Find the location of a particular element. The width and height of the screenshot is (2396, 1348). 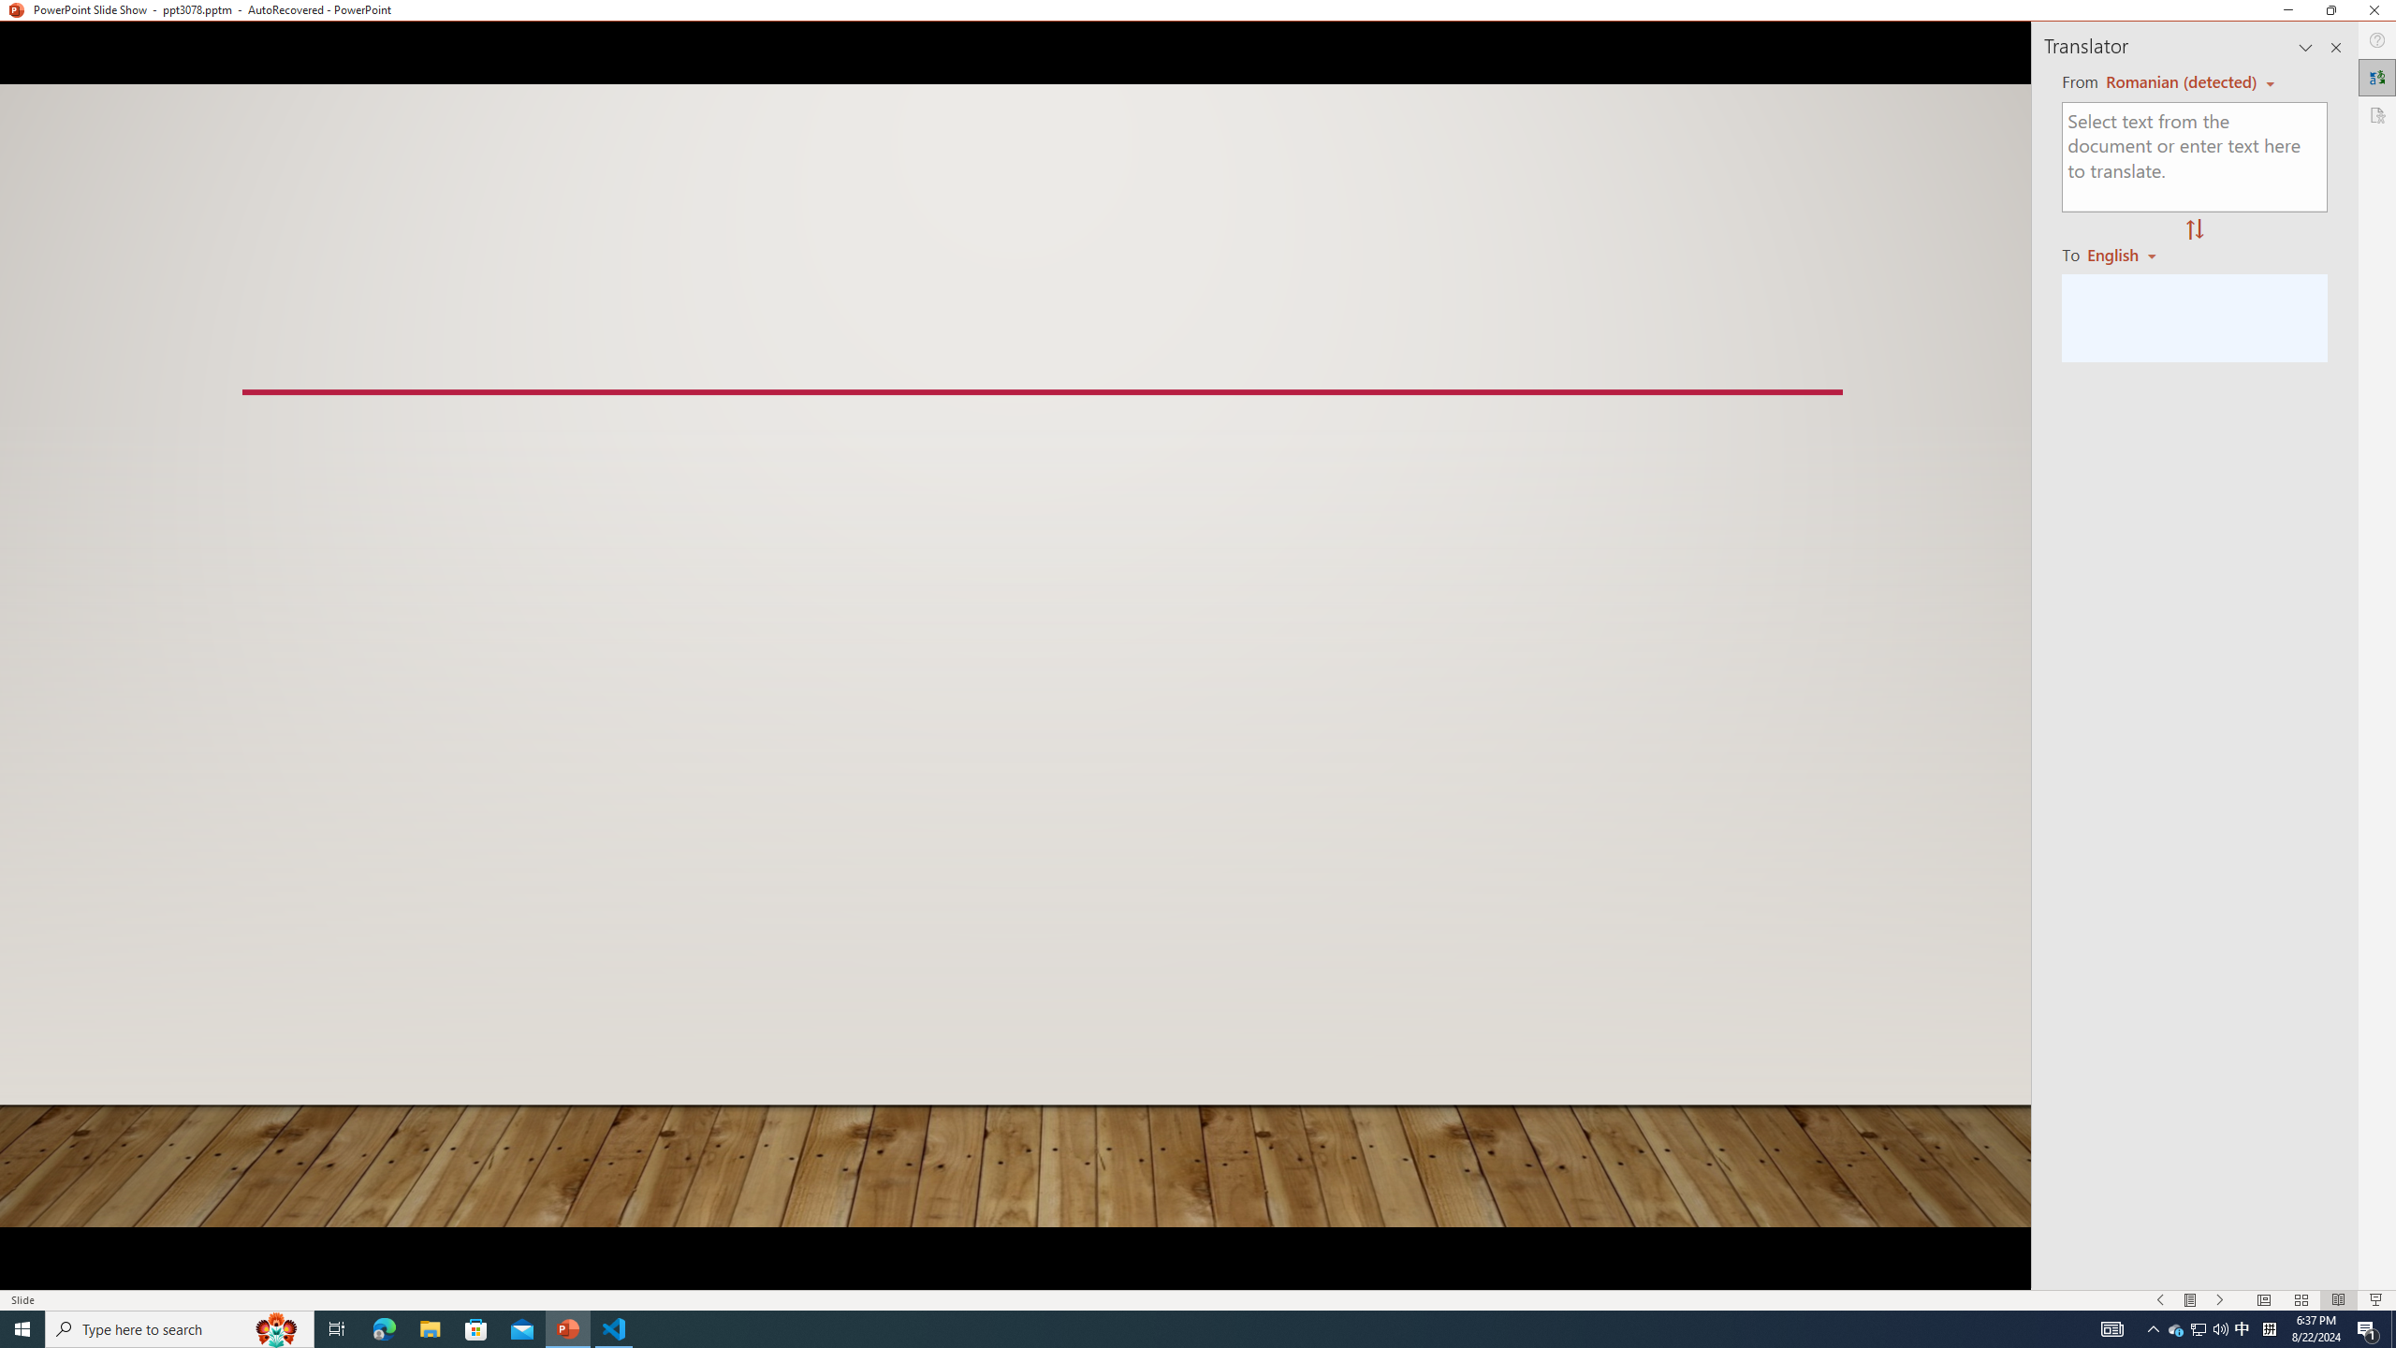

'Slide Sorter' is located at coordinates (2301, 1300).